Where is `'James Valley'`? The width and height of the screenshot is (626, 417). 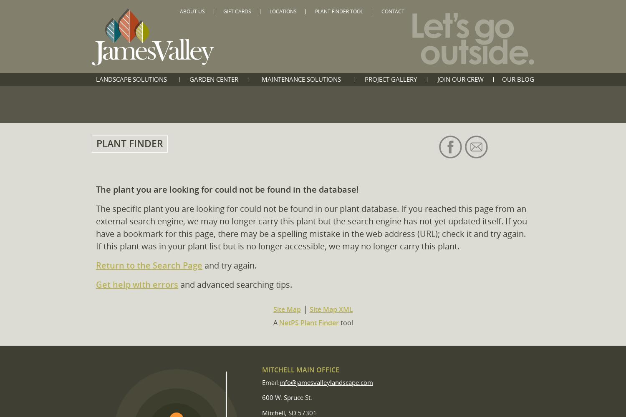 'James Valley' is located at coordinates (240, 15).